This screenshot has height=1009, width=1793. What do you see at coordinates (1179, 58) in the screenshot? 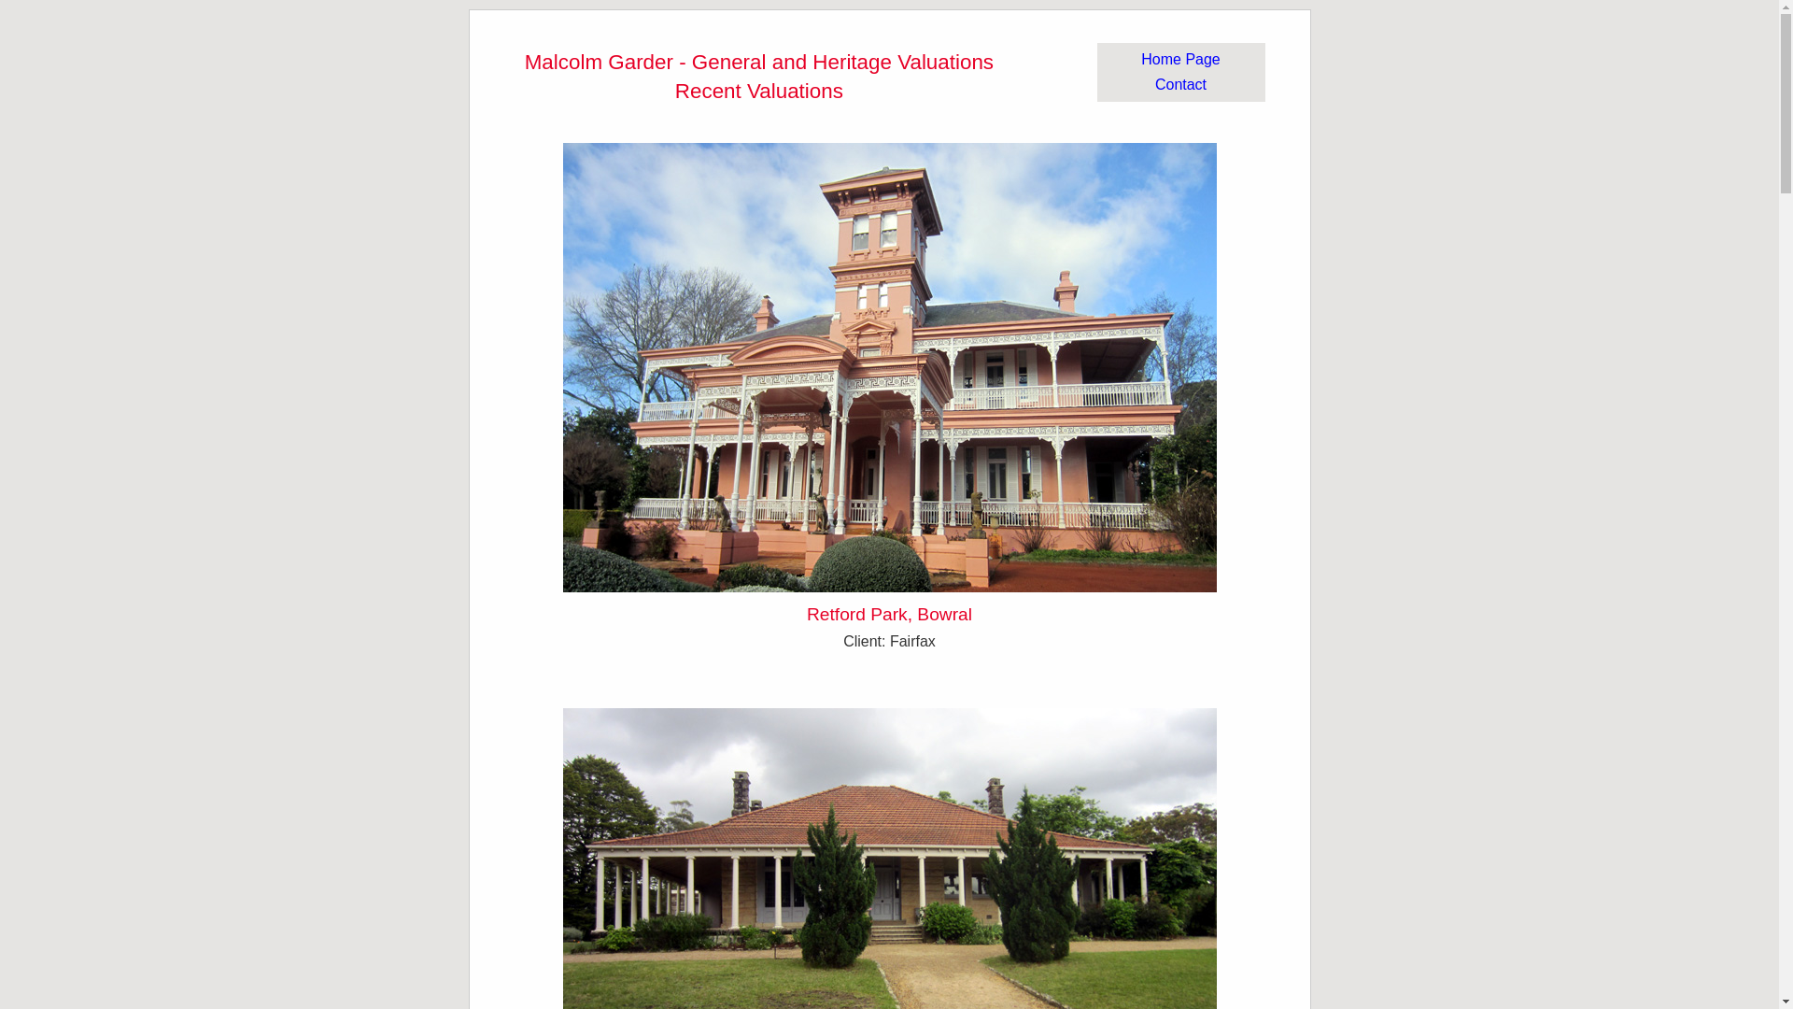
I see `'Home Page'` at bounding box center [1179, 58].